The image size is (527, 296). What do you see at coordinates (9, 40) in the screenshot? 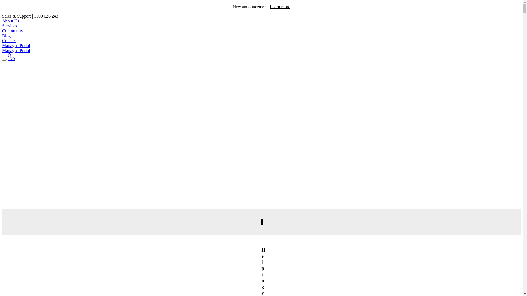
I see `'Contact'` at bounding box center [9, 40].